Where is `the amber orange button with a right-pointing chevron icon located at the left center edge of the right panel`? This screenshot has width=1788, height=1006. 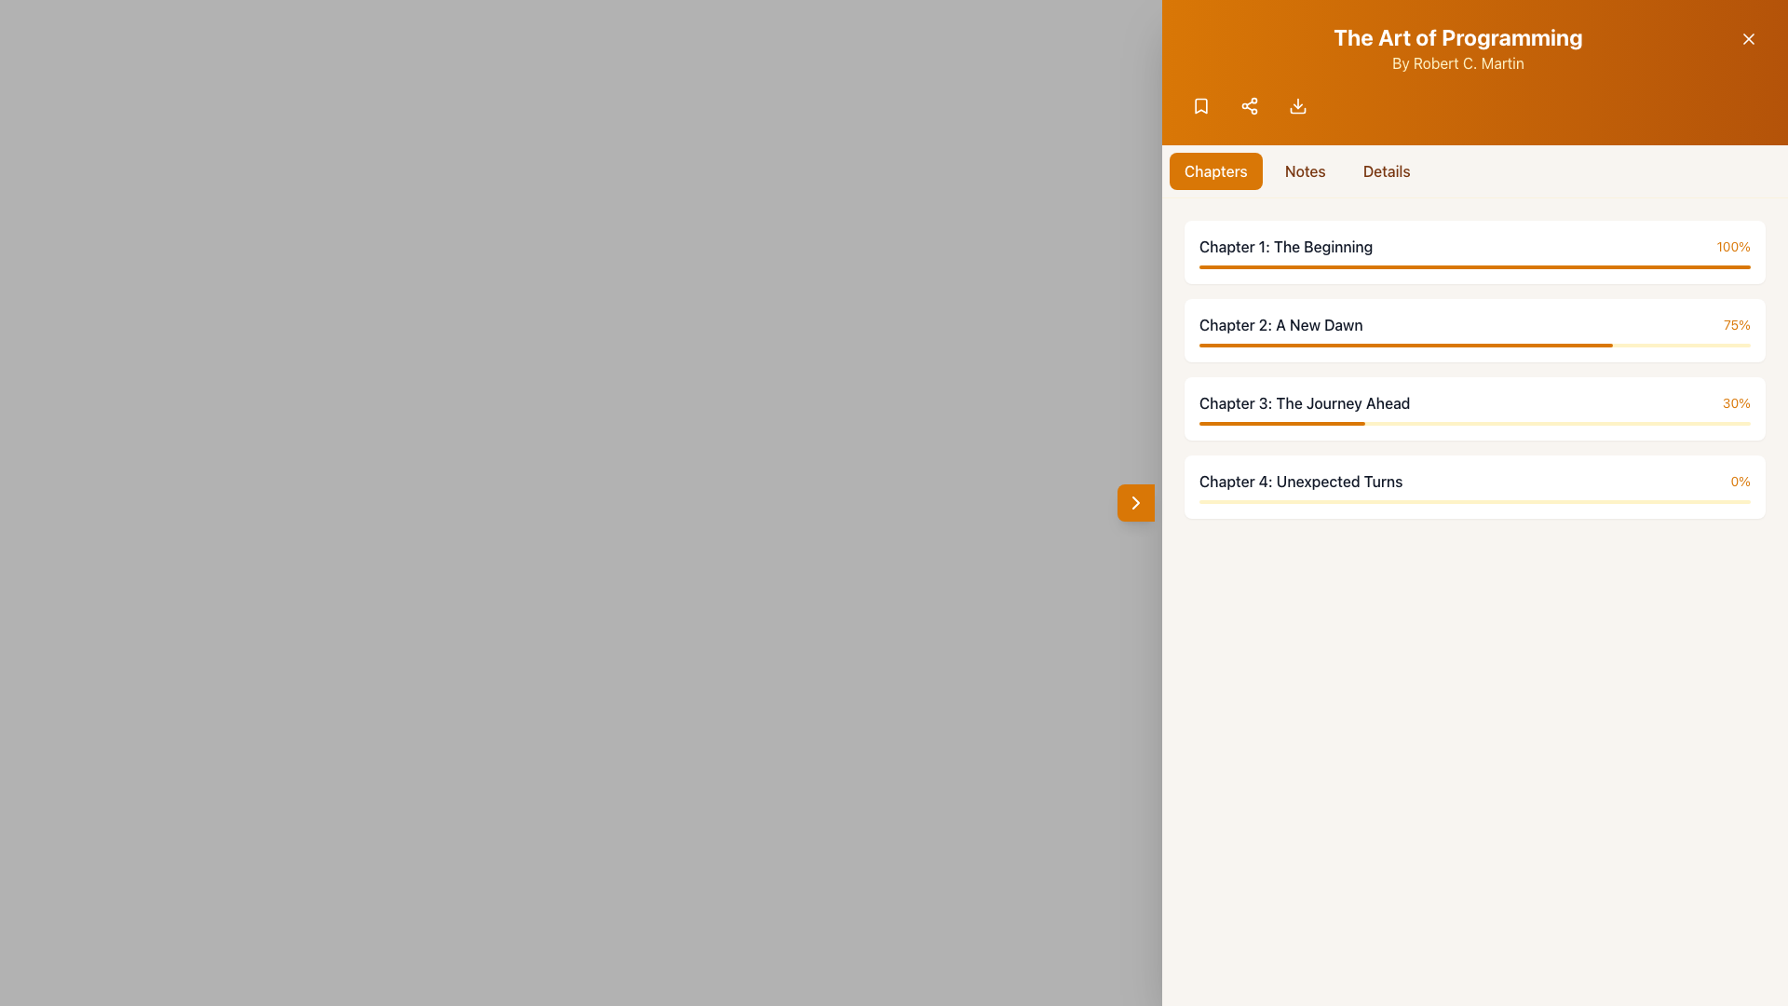
the amber orange button with a right-pointing chevron icon located at the left center edge of the right panel is located at coordinates (1134, 503).